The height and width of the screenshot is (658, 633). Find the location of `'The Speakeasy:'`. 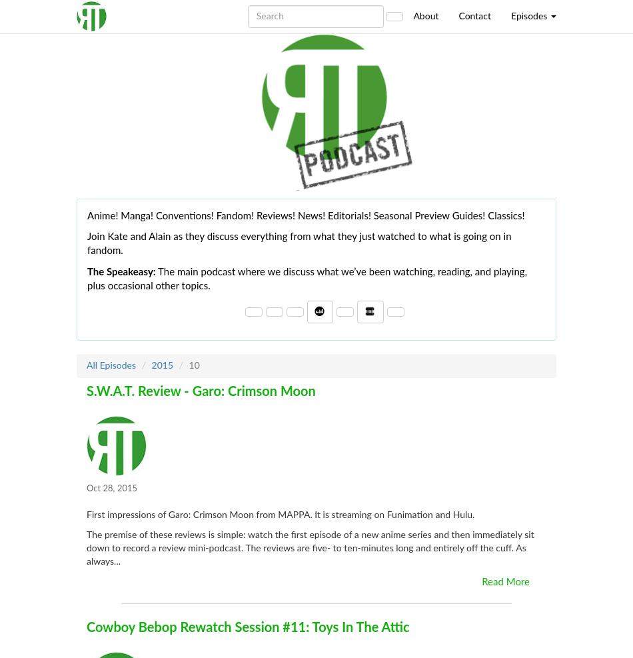

'The Speakeasy:' is located at coordinates (87, 271).